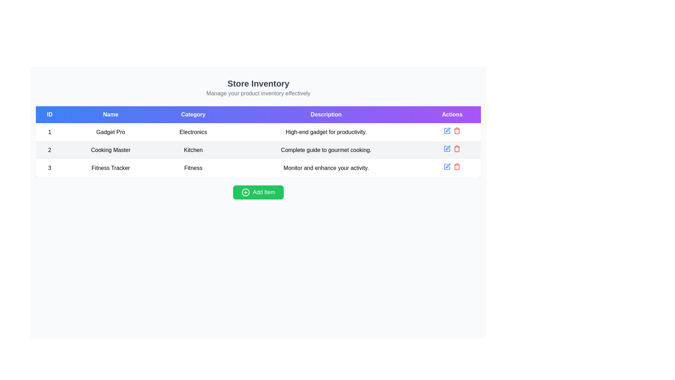 This screenshot has height=380, width=675. I want to click on the lower part of the trash bin icon in the 'Actions' column of the third row of the table associated with the 'Fitness Tracker', so click(457, 167).